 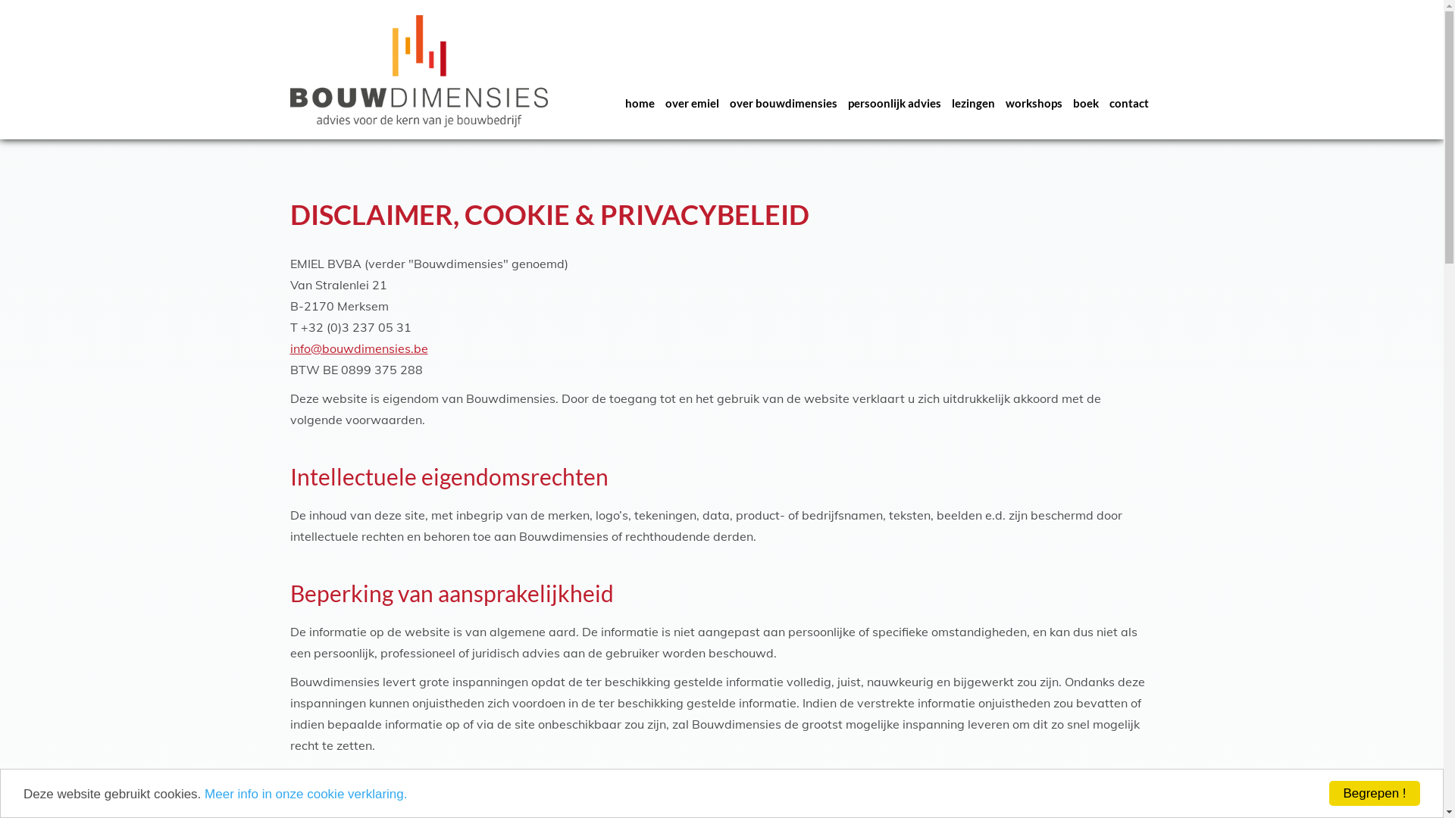 I want to click on 'over bouwdimensies', so click(x=723, y=101).